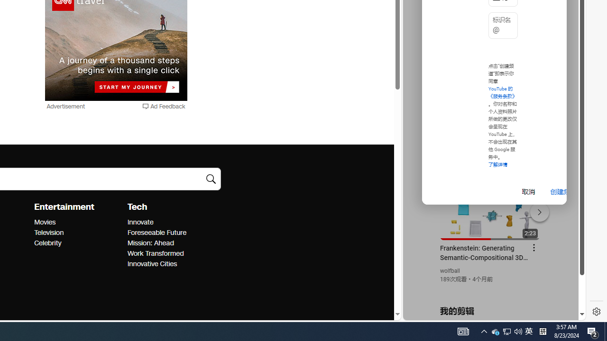 The height and width of the screenshot is (341, 607). Describe the element at coordinates (490, 204) in the screenshot. I see `'YouTube'` at that location.